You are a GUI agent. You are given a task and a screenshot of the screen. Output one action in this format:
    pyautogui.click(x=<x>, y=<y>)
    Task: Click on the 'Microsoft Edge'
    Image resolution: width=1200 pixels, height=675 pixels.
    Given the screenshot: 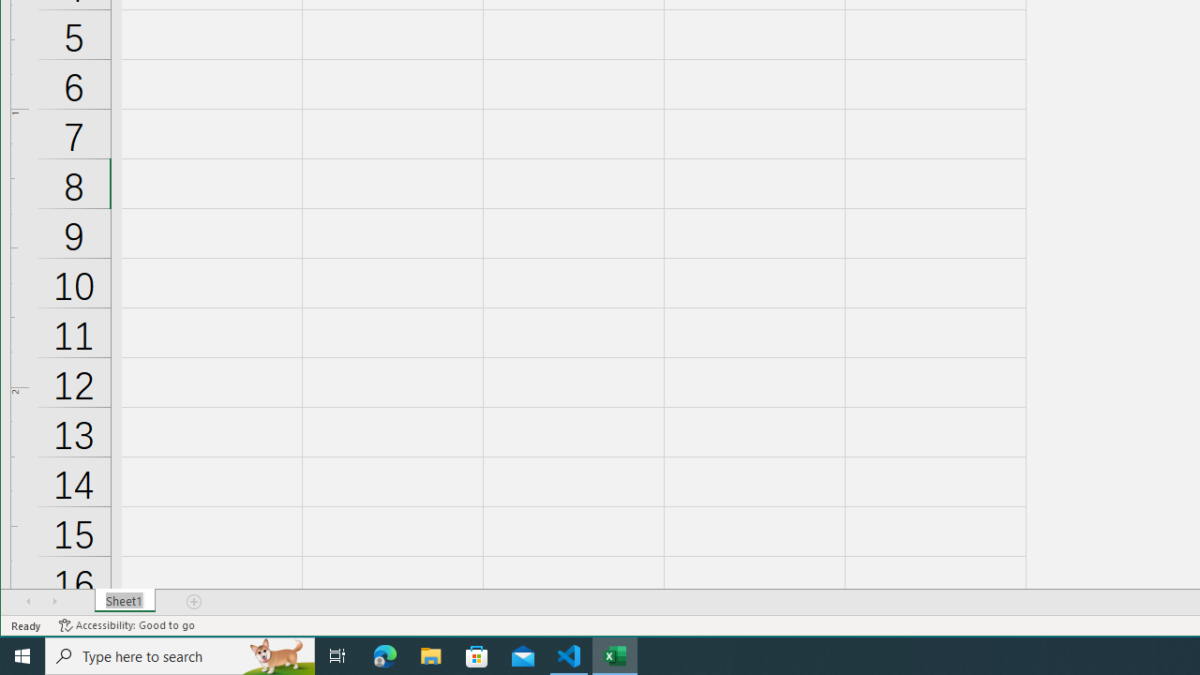 What is the action you would take?
    pyautogui.click(x=384, y=654)
    